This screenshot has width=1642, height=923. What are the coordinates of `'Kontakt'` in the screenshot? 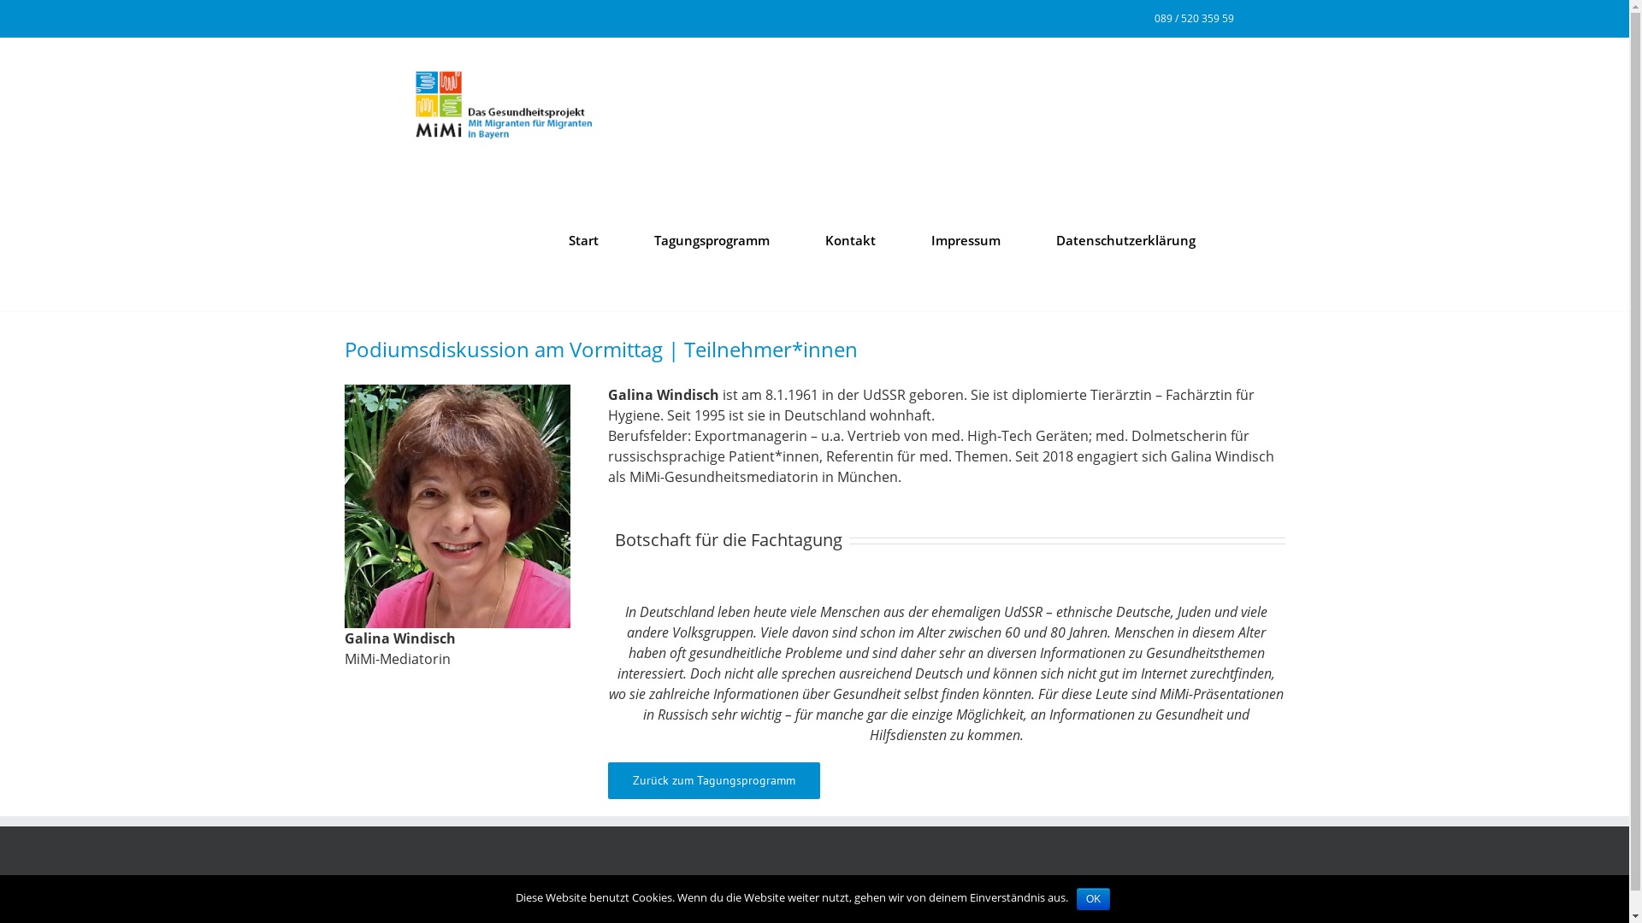 It's located at (849, 240).